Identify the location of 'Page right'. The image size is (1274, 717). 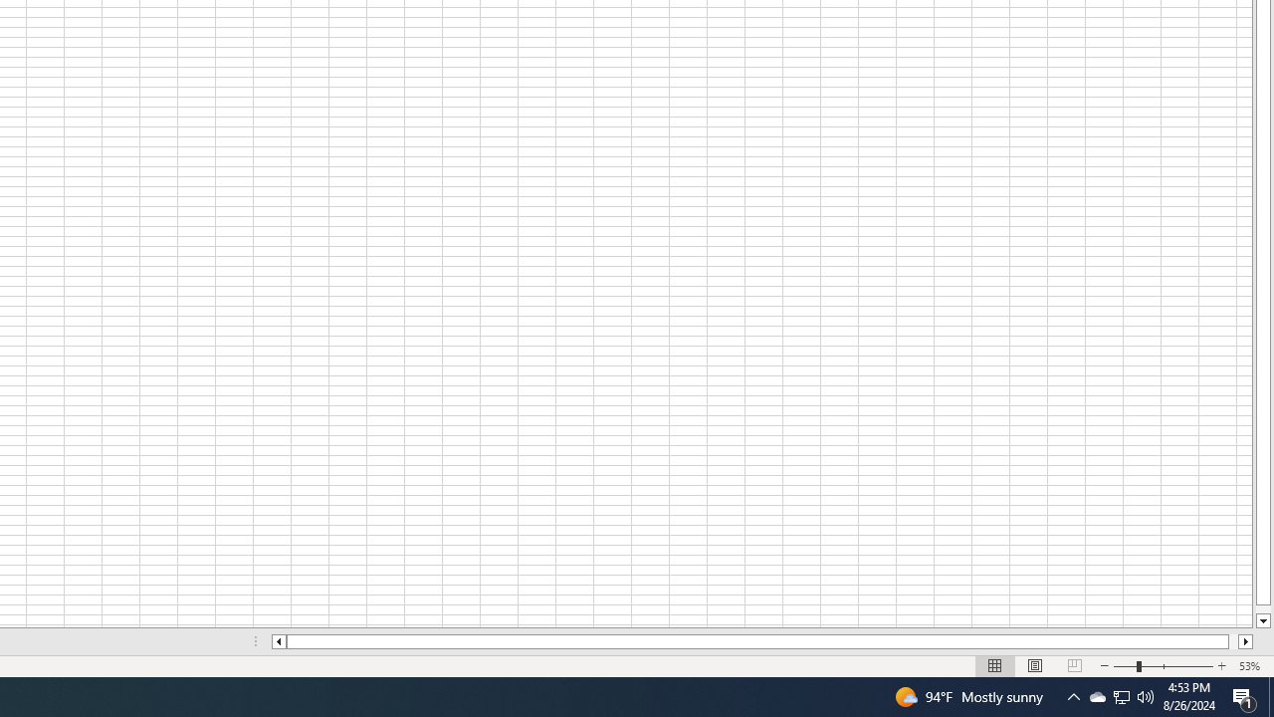
(1232, 641).